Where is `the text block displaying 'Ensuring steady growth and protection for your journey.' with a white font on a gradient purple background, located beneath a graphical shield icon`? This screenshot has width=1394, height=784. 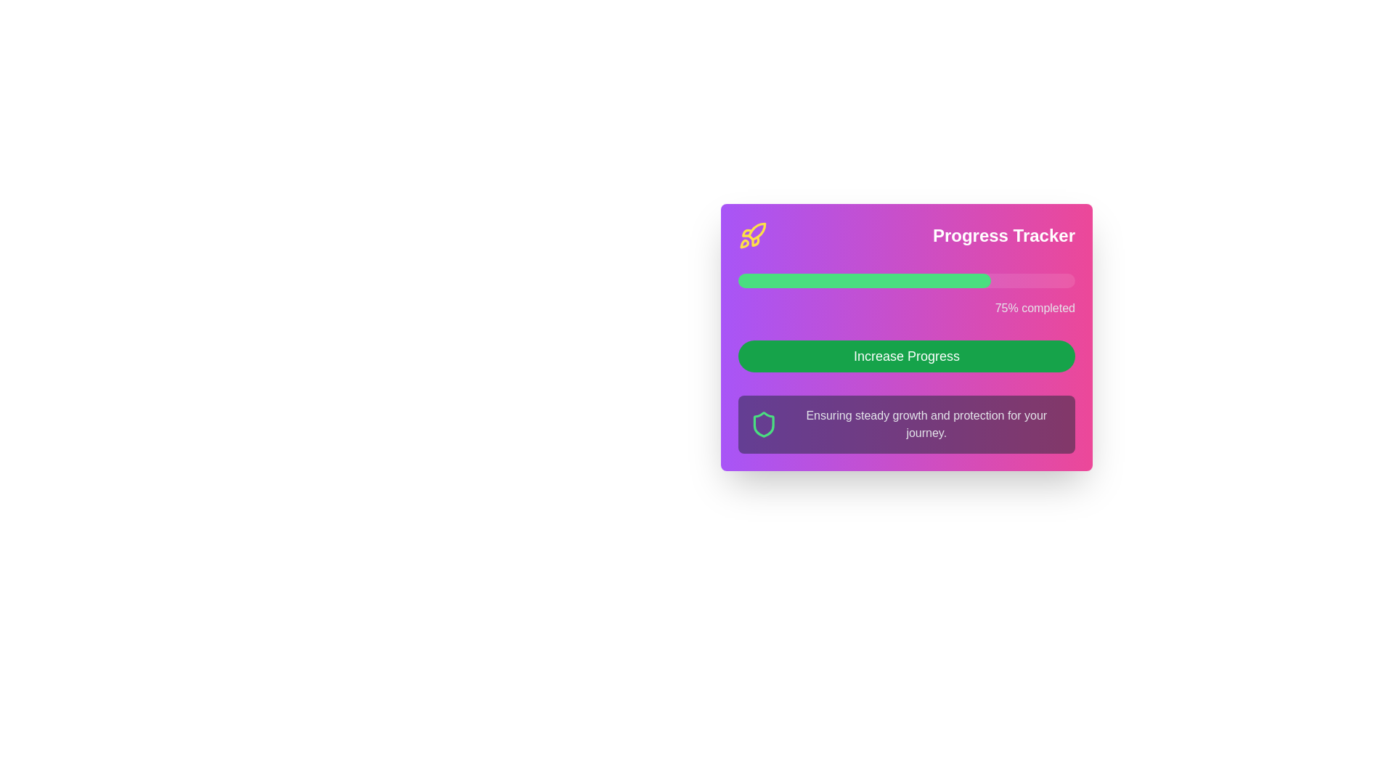
the text block displaying 'Ensuring steady growth and protection for your journey.' with a white font on a gradient purple background, located beneath a graphical shield icon is located at coordinates (926, 425).